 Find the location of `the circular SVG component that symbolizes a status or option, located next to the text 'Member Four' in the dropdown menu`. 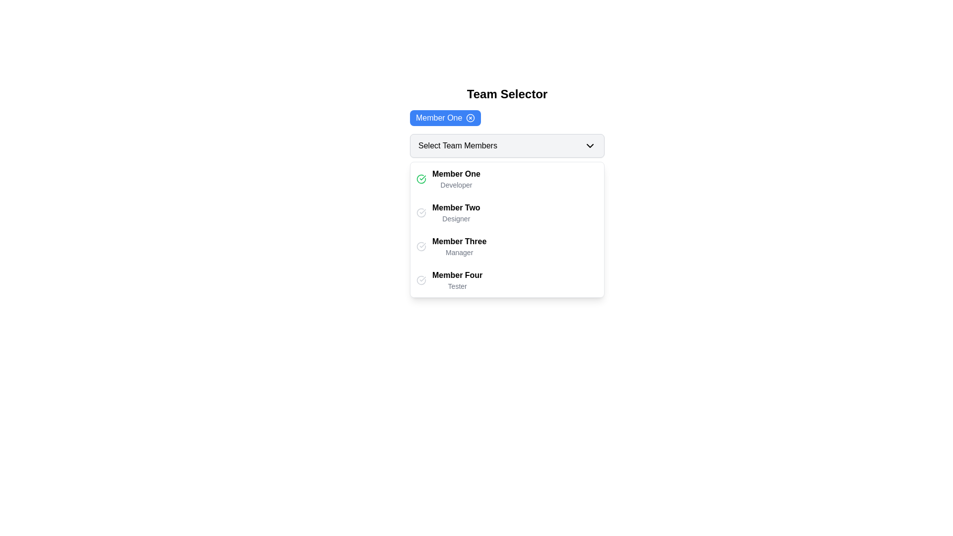

the circular SVG component that symbolizes a status or option, located next to the text 'Member Four' in the dropdown menu is located at coordinates (421, 246).